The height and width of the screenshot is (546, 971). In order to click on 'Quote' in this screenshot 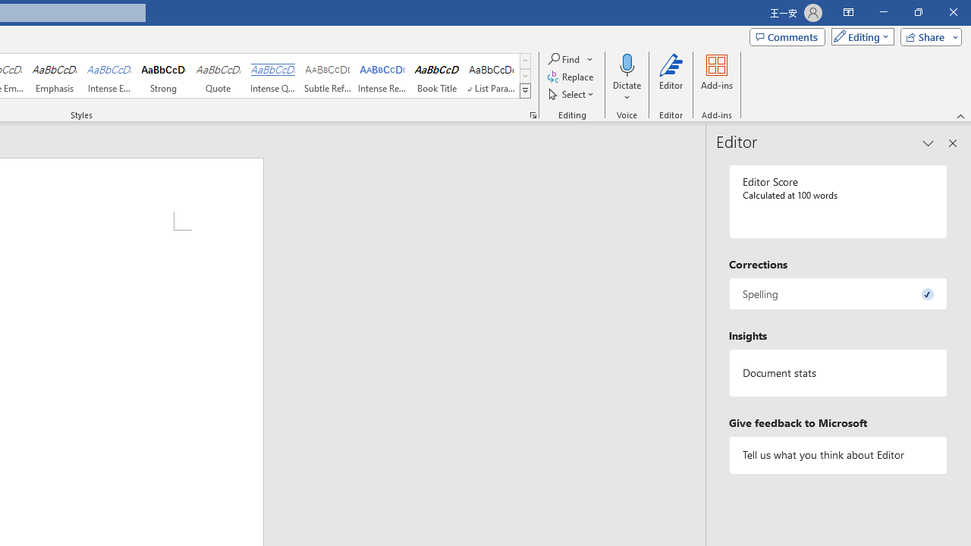, I will do `click(218, 76)`.